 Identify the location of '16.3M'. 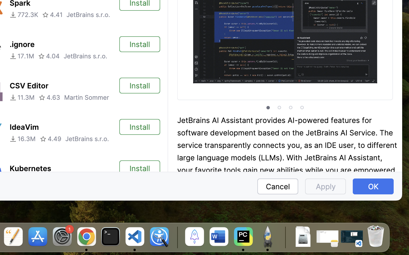
(23, 138).